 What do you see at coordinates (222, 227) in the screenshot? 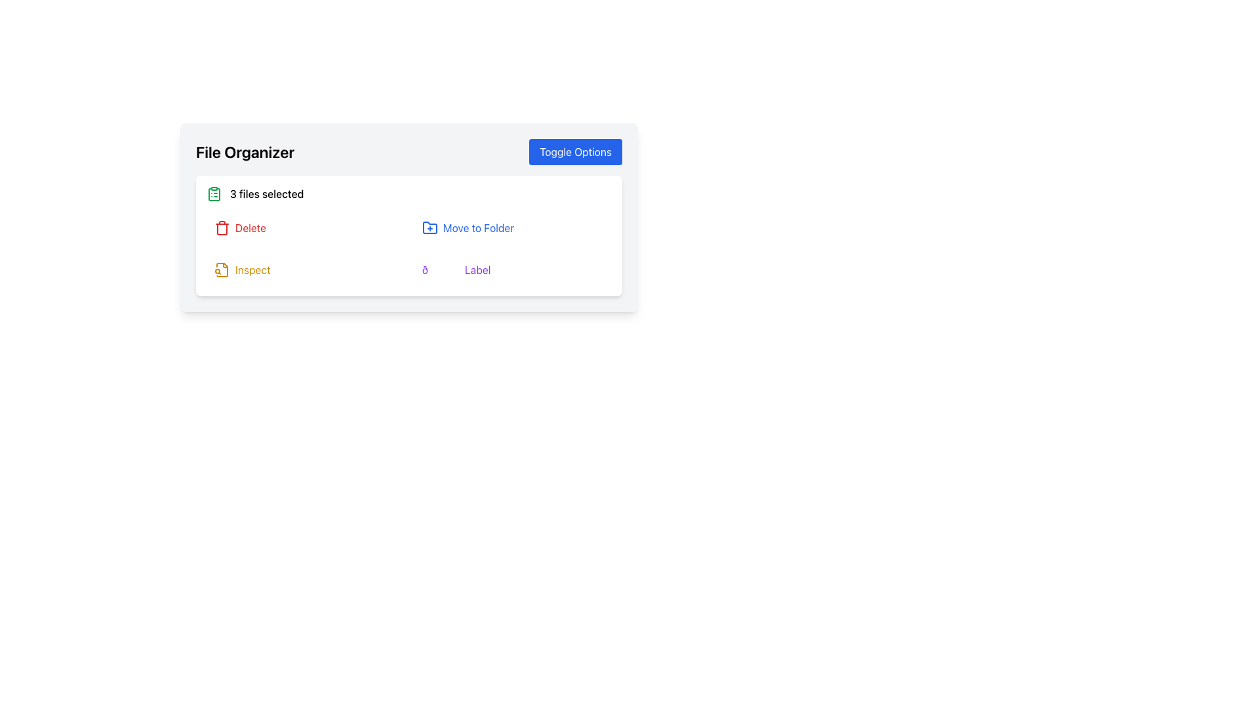
I see `the deletion icon located in the second slot of the action list to visually recognize the icon associated with the 'Delete' option` at bounding box center [222, 227].